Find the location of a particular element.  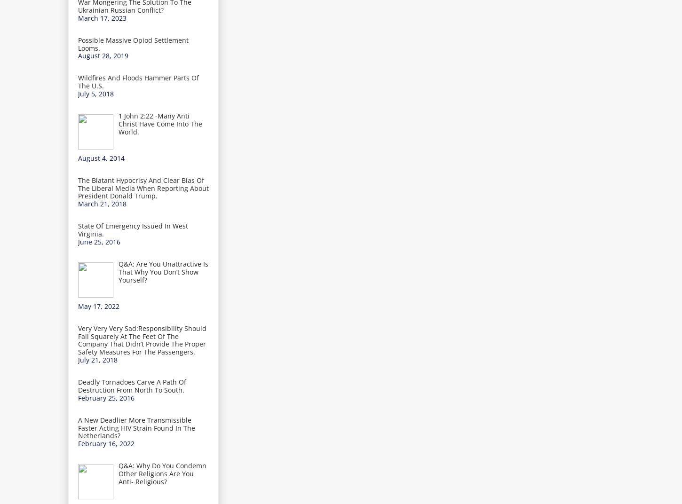

'March 21, 2018' is located at coordinates (102, 203).